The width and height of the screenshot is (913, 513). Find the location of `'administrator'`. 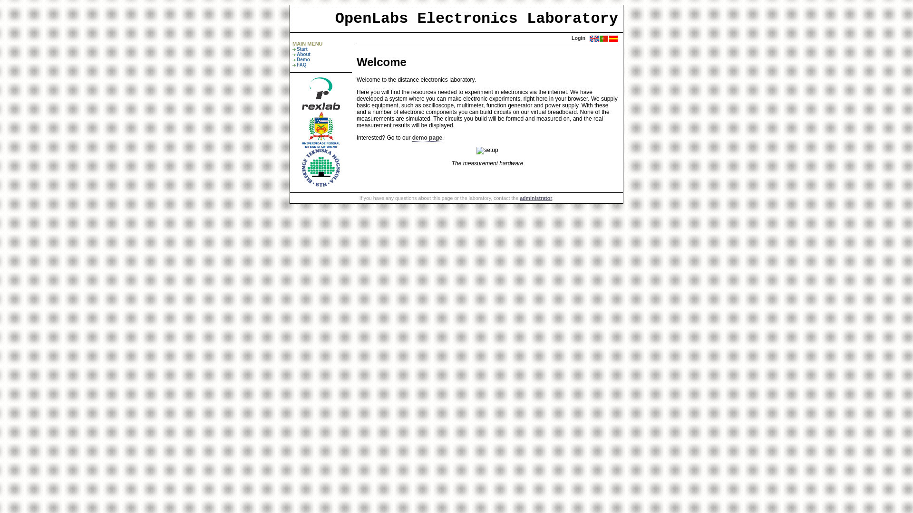

'administrator' is located at coordinates (519, 197).